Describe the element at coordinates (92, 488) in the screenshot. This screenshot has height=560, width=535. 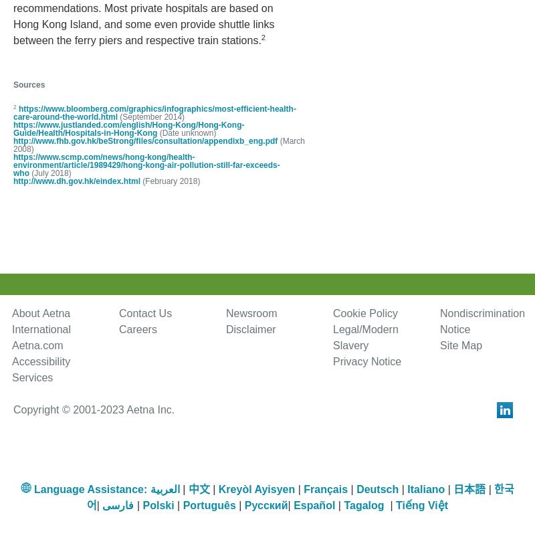
I see `'Language Assistance:'` at that location.